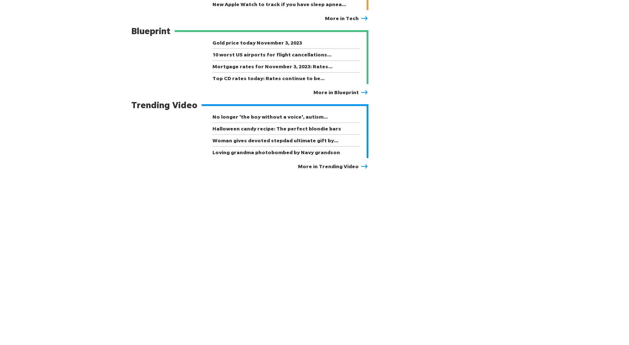 The image size is (629, 345). What do you see at coordinates (328, 166) in the screenshot?
I see `'More in Trending Video'` at bounding box center [328, 166].